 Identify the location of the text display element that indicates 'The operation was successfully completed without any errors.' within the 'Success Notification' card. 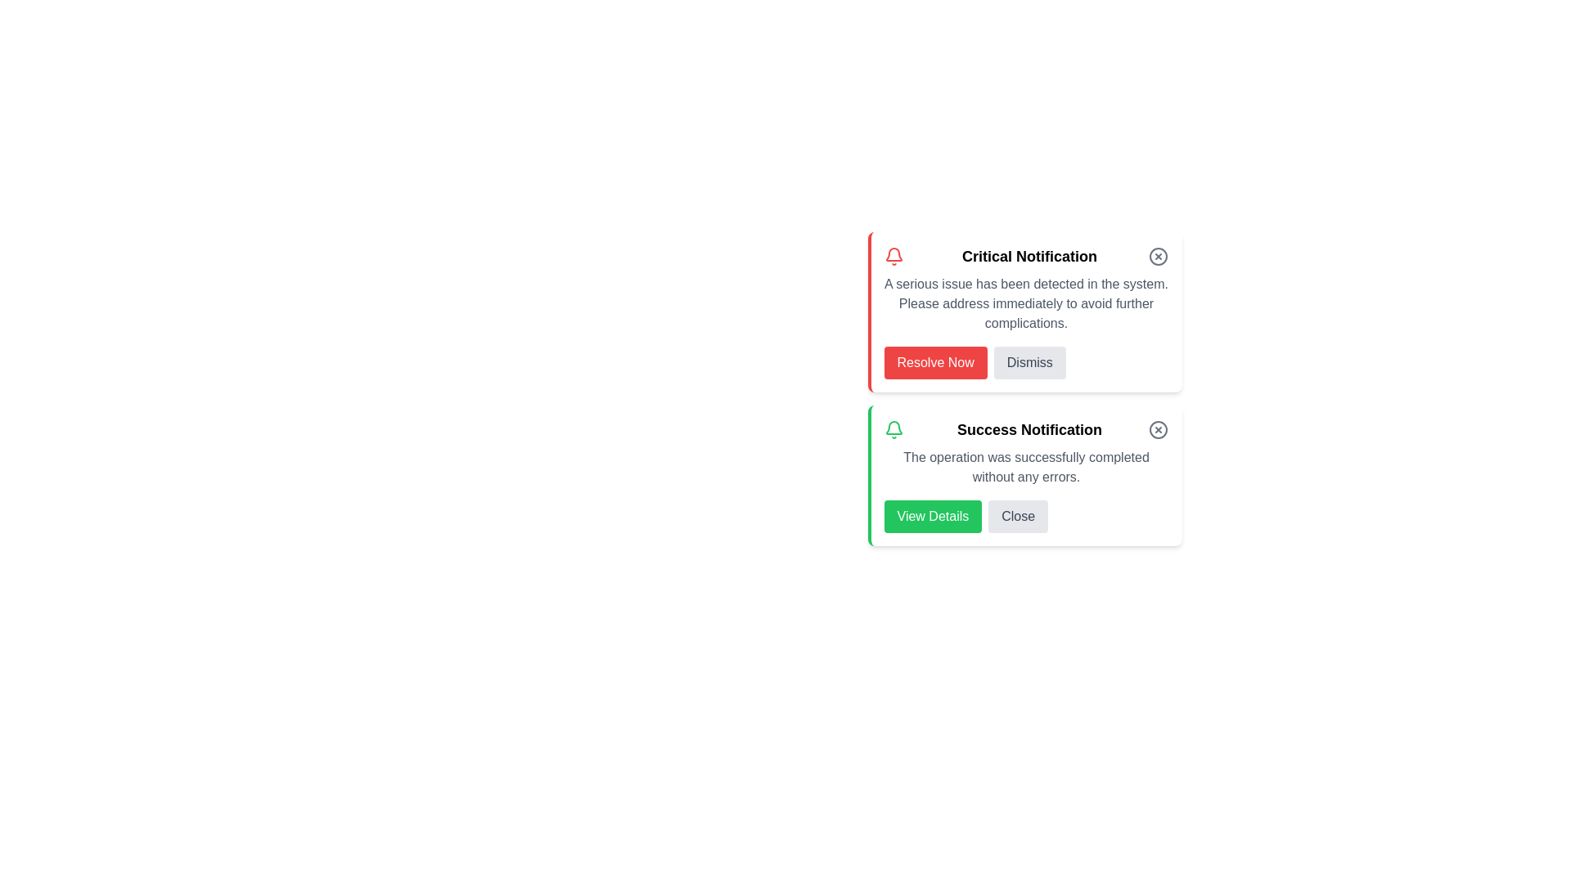
(1025, 467).